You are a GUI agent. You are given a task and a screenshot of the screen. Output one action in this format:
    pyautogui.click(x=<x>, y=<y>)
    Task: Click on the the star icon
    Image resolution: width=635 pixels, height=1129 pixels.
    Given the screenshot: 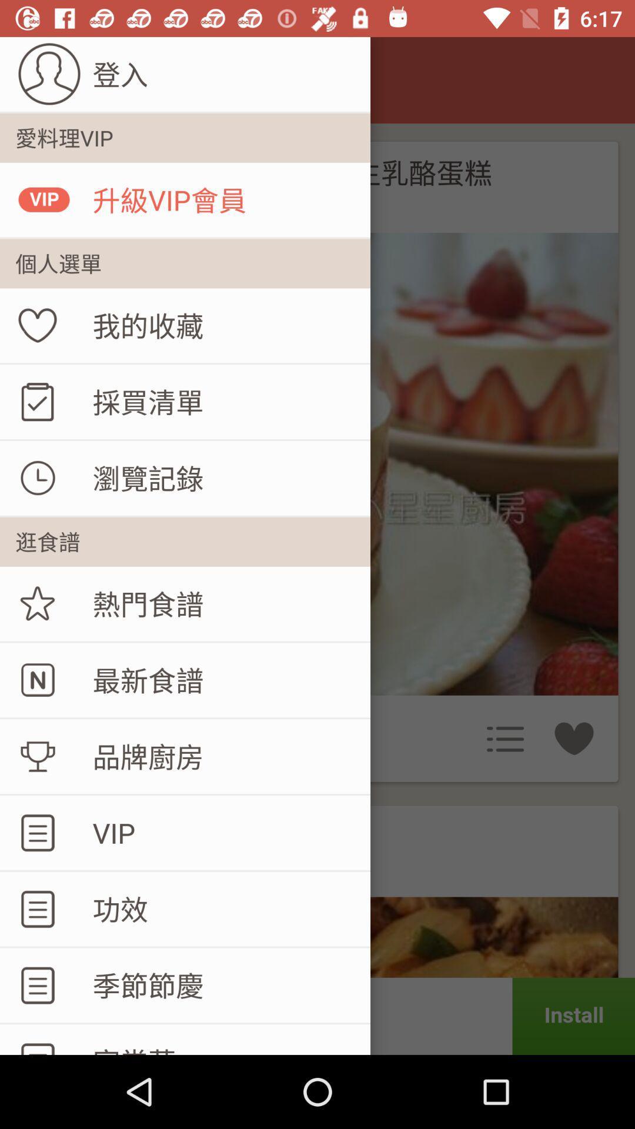 What is the action you would take?
    pyautogui.click(x=38, y=604)
    